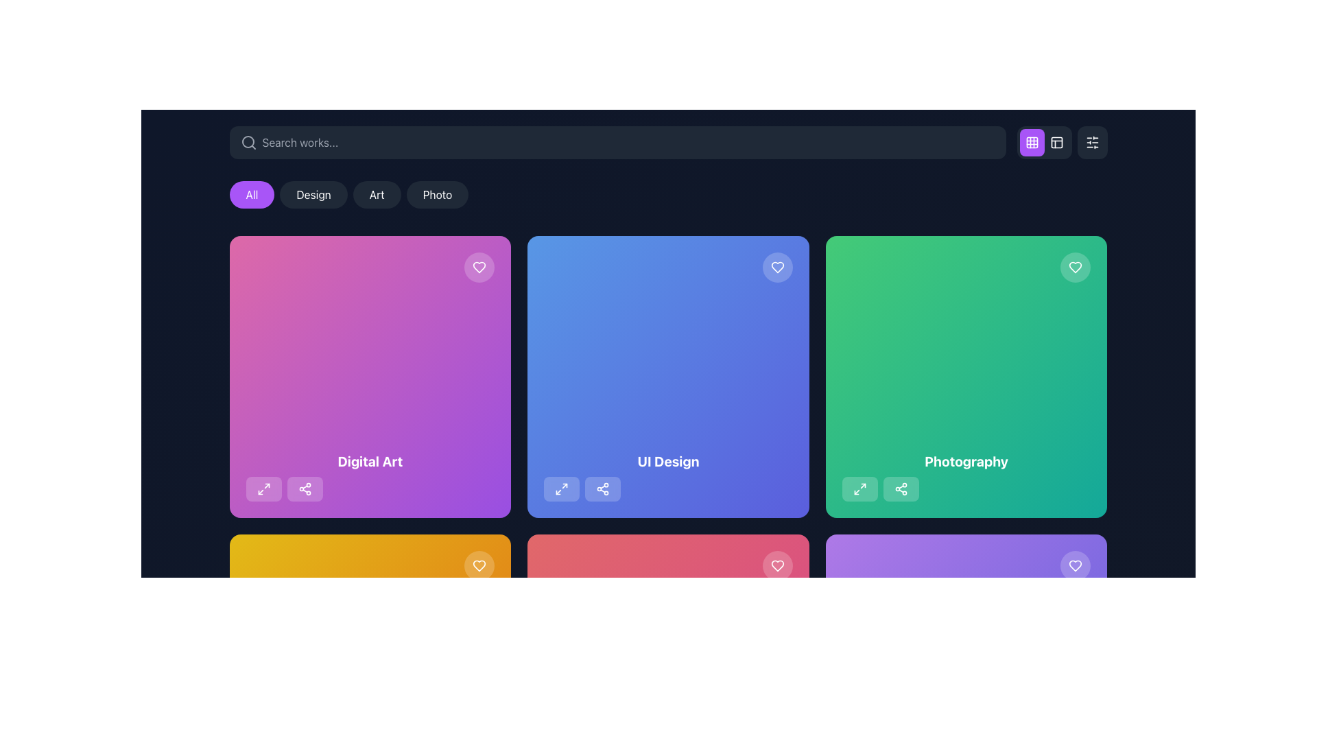  Describe the element at coordinates (1032, 143) in the screenshot. I see `the top-left rectangular icon within the grid layout selector located in the top-right corner of the interface` at that location.